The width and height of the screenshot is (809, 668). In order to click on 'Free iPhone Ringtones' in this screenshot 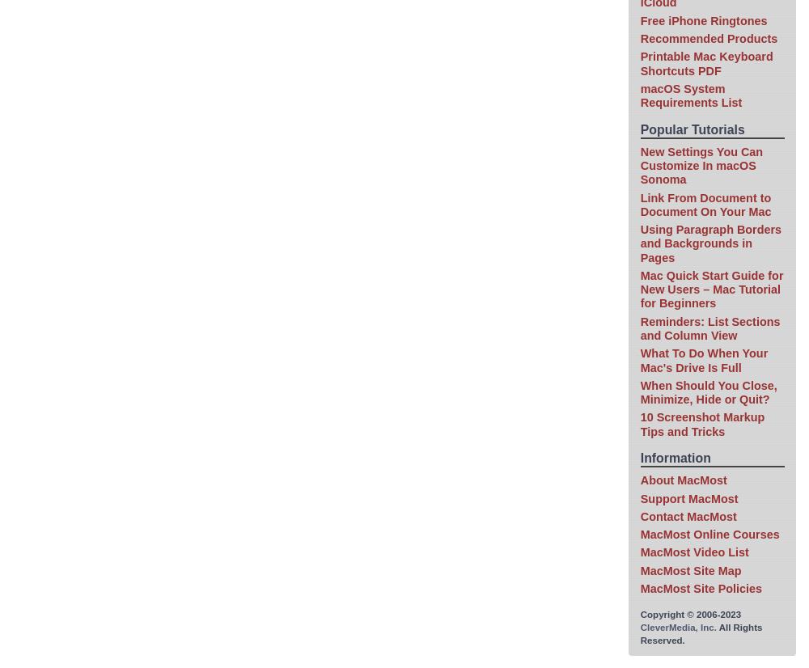, I will do `click(640, 20)`.